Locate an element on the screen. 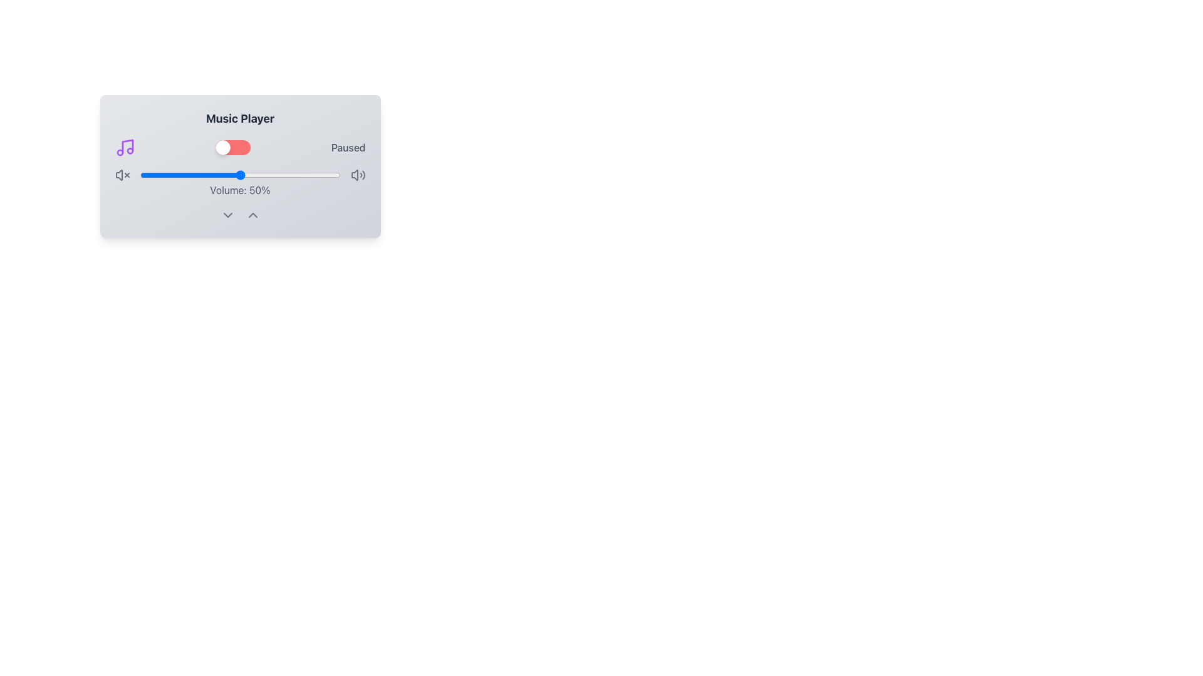 Image resolution: width=1203 pixels, height=676 pixels. volume is located at coordinates (199, 175).